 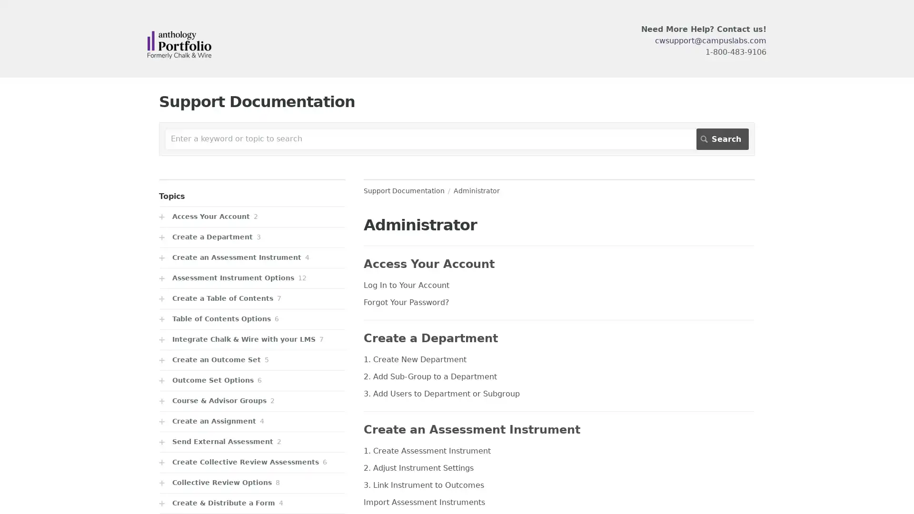 What do you see at coordinates (252, 298) in the screenshot?
I see `Create a Table of Contents 7` at bounding box center [252, 298].